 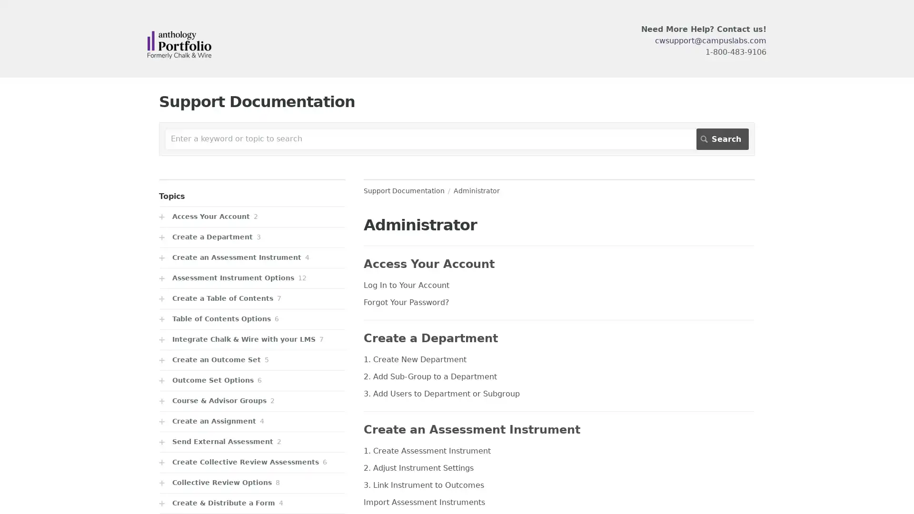 What do you see at coordinates (252, 298) in the screenshot?
I see `Create a Table of Contents 7` at bounding box center [252, 298].